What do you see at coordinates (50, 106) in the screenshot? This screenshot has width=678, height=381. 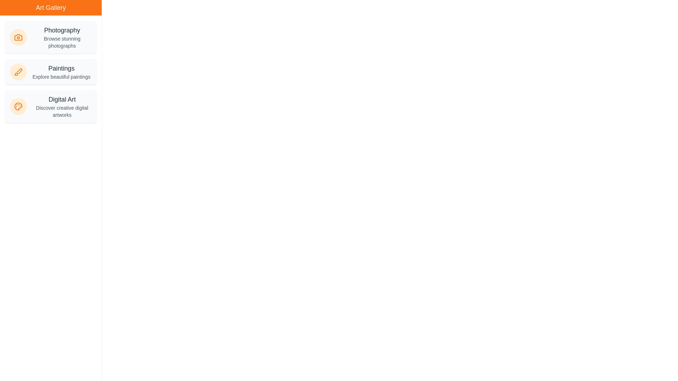 I see `the category item Digital Art` at bounding box center [50, 106].